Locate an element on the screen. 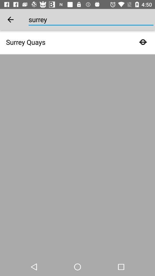 This screenshot has height=276, width=155. the item next to the surrey icon is located at coordinates (10, 20).